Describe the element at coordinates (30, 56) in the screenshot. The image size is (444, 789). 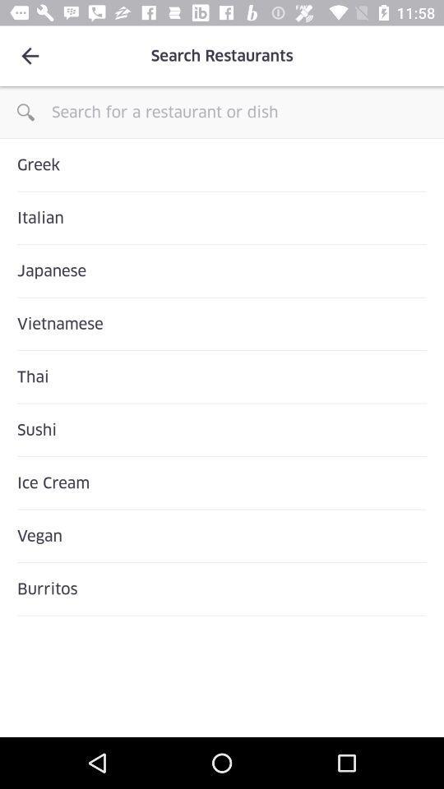
I see `the icon next to search restaurants` at that location.